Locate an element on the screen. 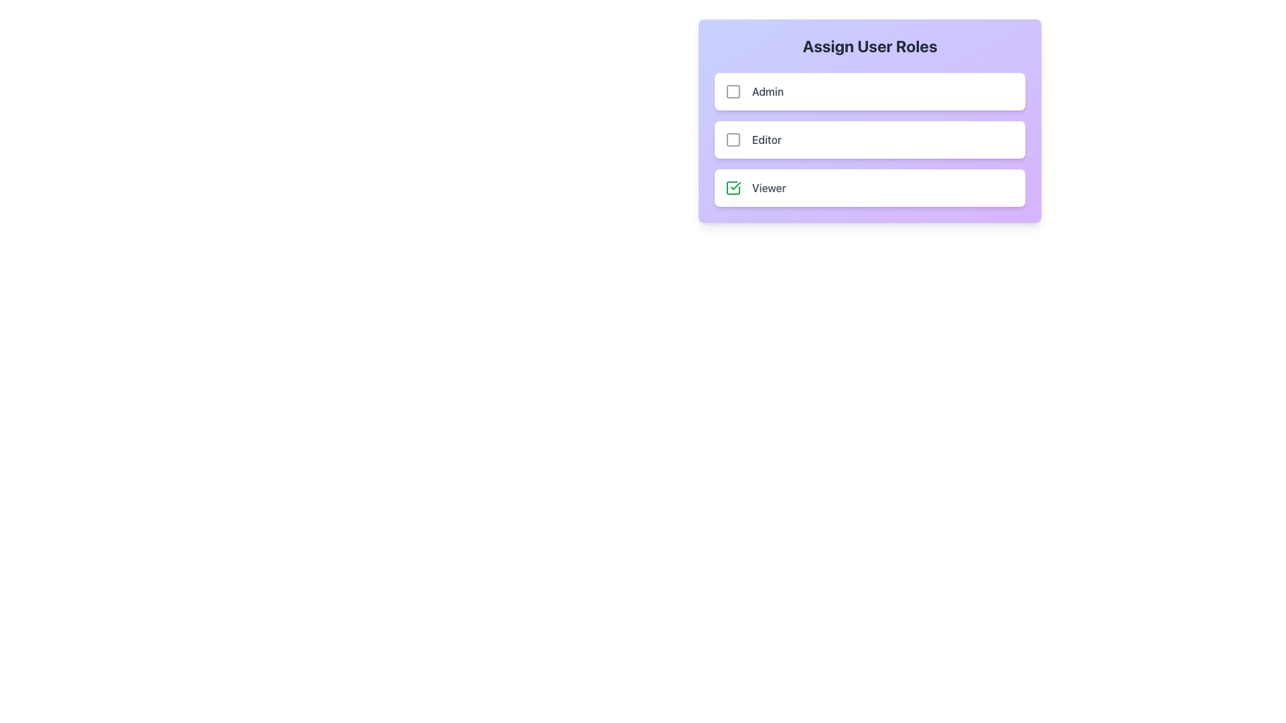 The image size is (1286, 723). the 'Editor' role option in the 'Assign User Roles' panel is located at coordinates (753, 139).